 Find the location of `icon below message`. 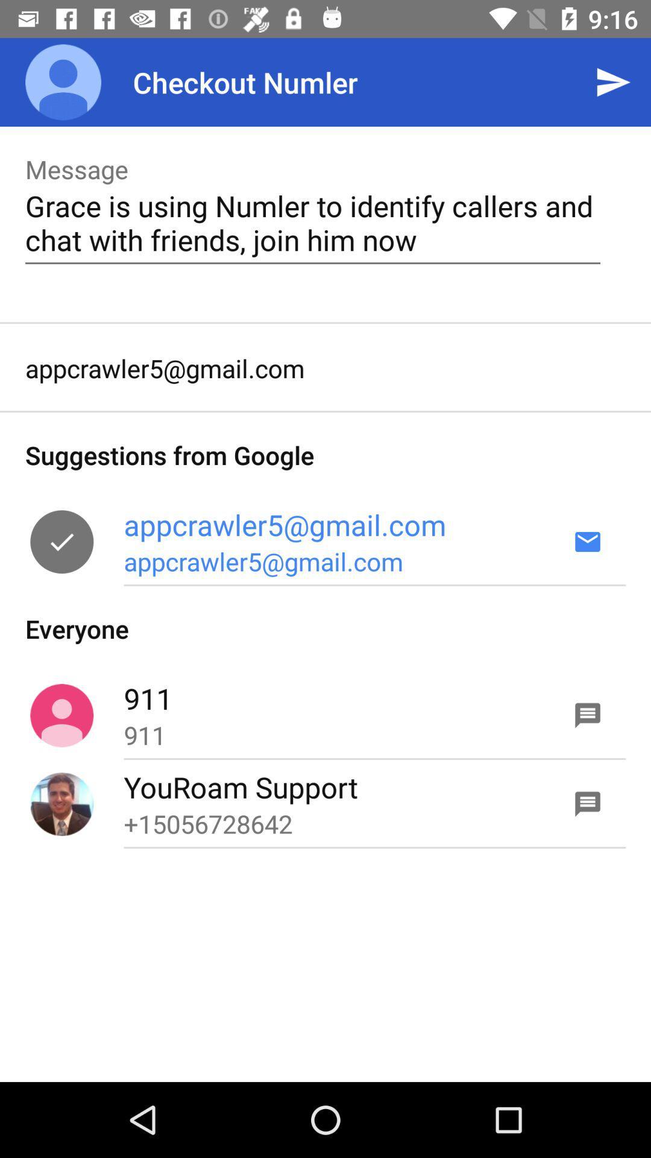

icon below message is located at coordinates (312, 223).